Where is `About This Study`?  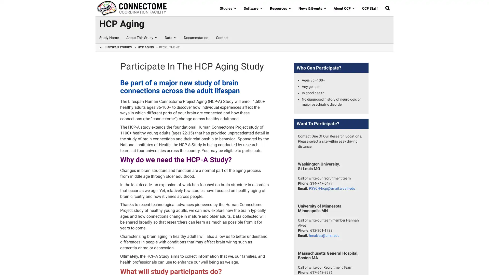 About This Study is located at coordinates (142, 37).